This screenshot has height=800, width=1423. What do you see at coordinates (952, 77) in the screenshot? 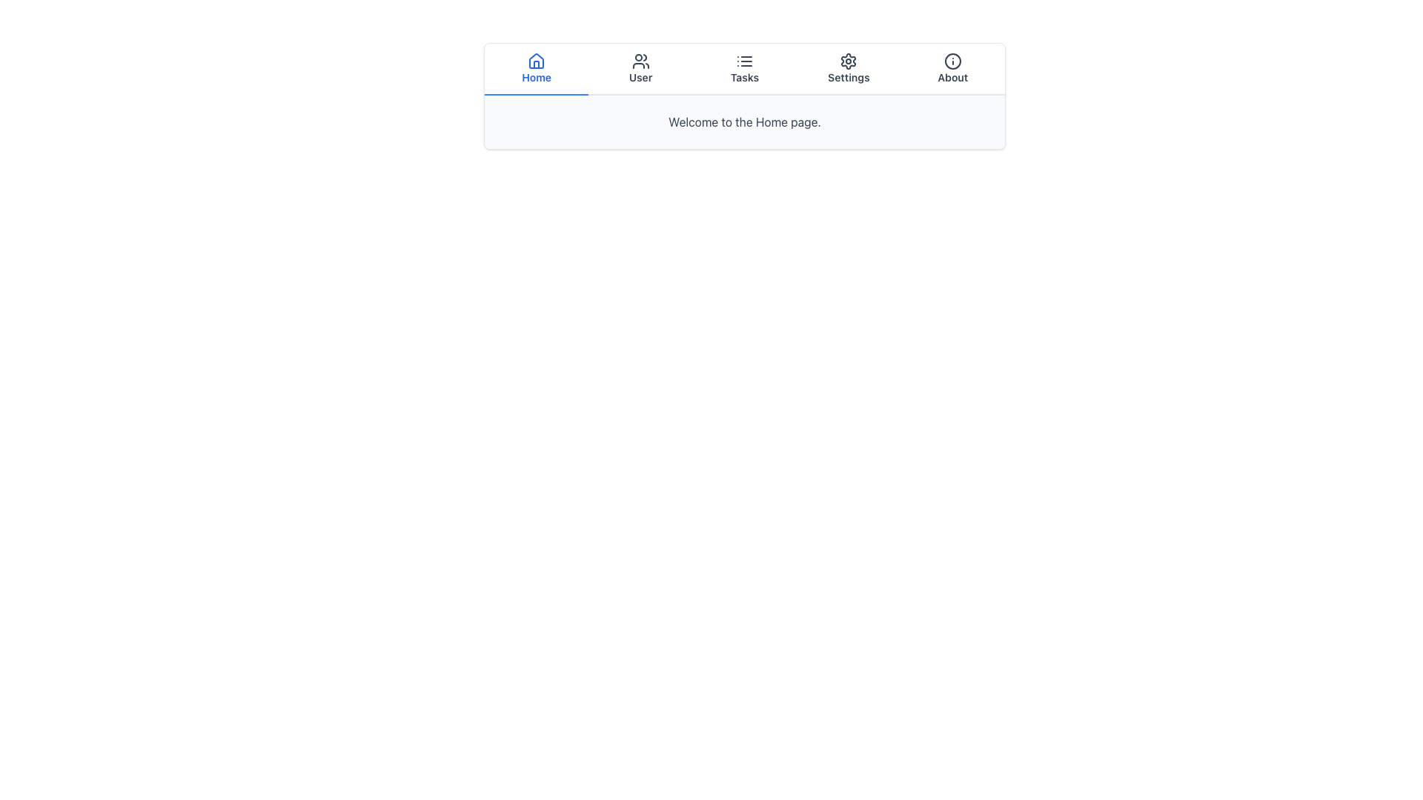
I see `the informational label for the 'About' section located below the information icon in the top navigation bar` at bounding box center [952, 77].